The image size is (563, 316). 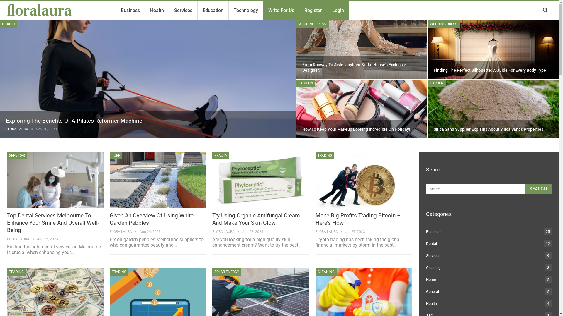 What do you see at coordinates (110, 272) in the screenshot?
I see `'TRADING'` at bounding box center [110, 272].